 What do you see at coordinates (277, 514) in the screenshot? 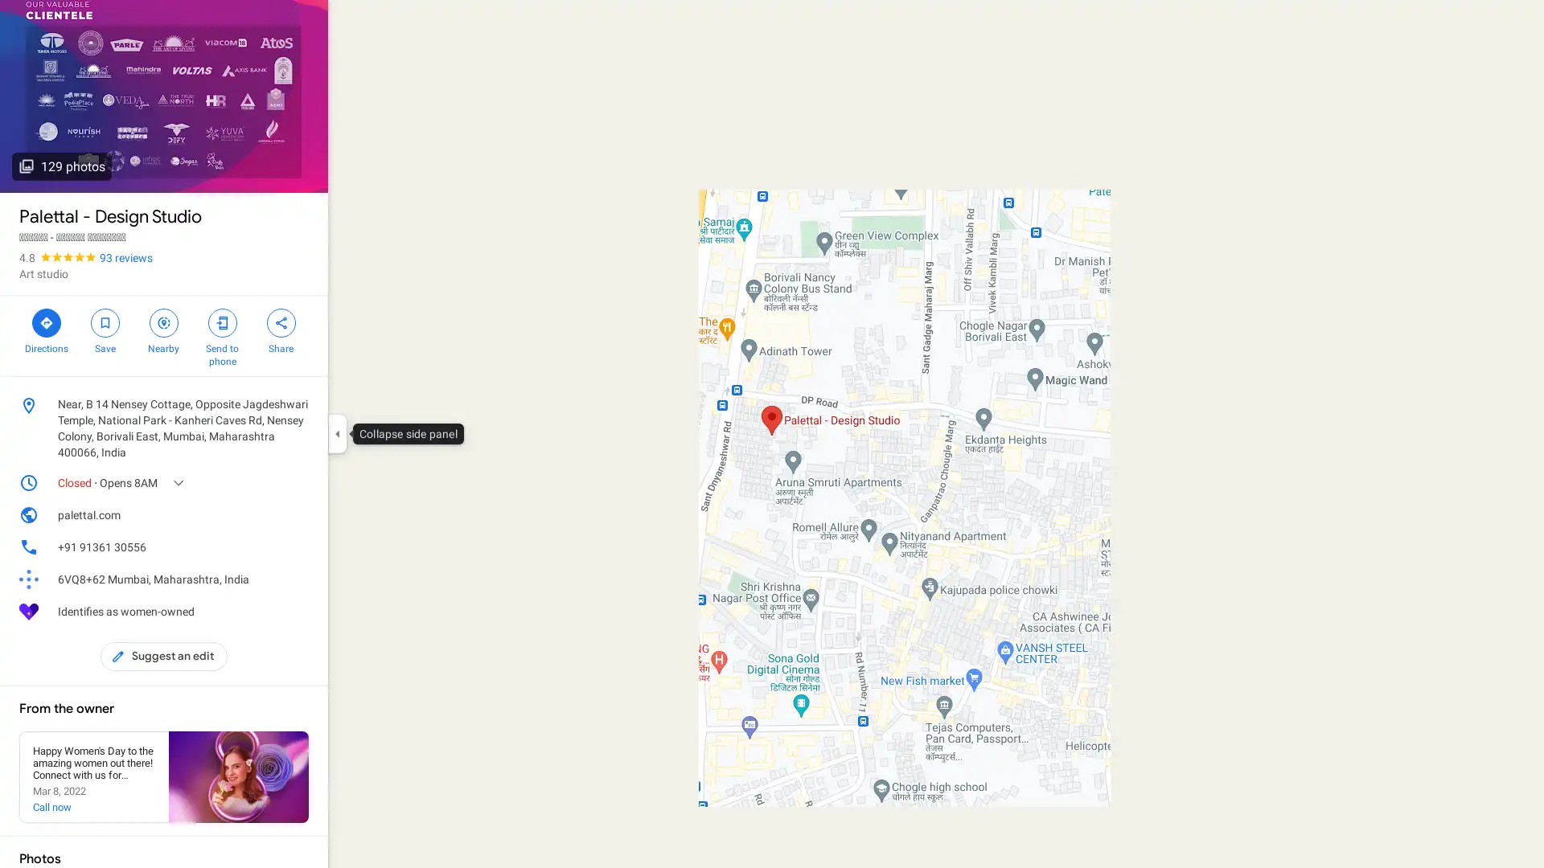
I see `Open website` at bounding box center [277, 514].